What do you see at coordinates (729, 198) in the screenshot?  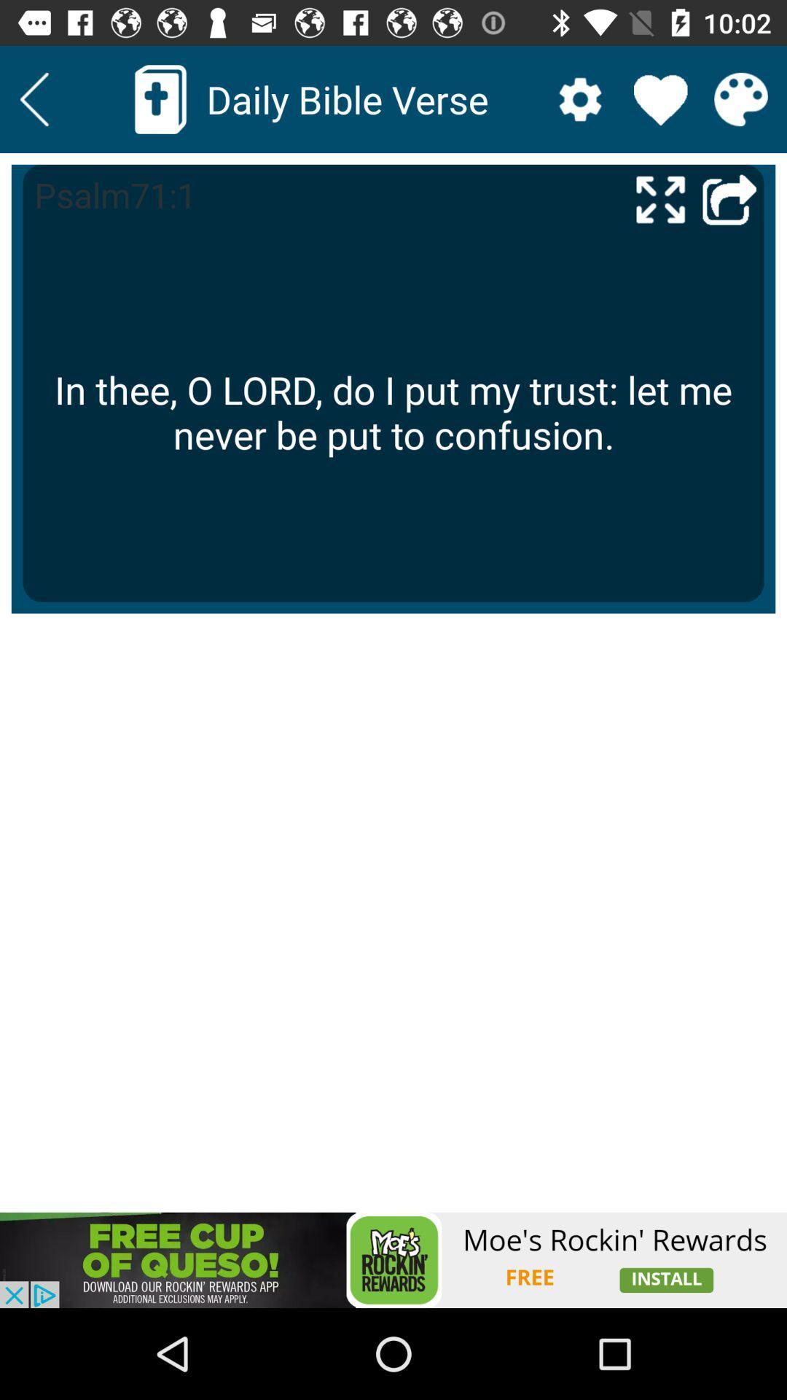 I see `share` at bounding box center [729, 198].